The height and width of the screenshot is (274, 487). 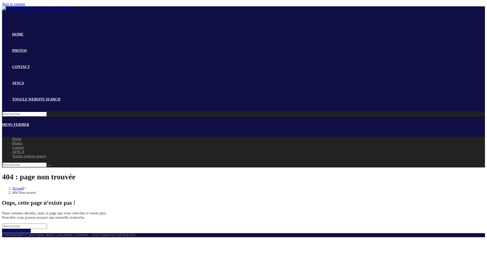 What do you see at coordinates (18, 147) in the screenshot?
I see `'Contact'` at bounding box center [18, 147].